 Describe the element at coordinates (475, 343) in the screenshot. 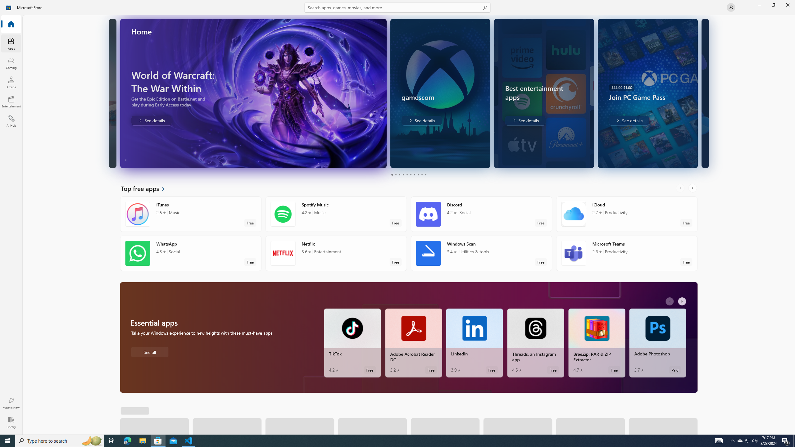

I see `'LinkedIn. Average rating of 3.9 out of five stars. Free  '` at that location.